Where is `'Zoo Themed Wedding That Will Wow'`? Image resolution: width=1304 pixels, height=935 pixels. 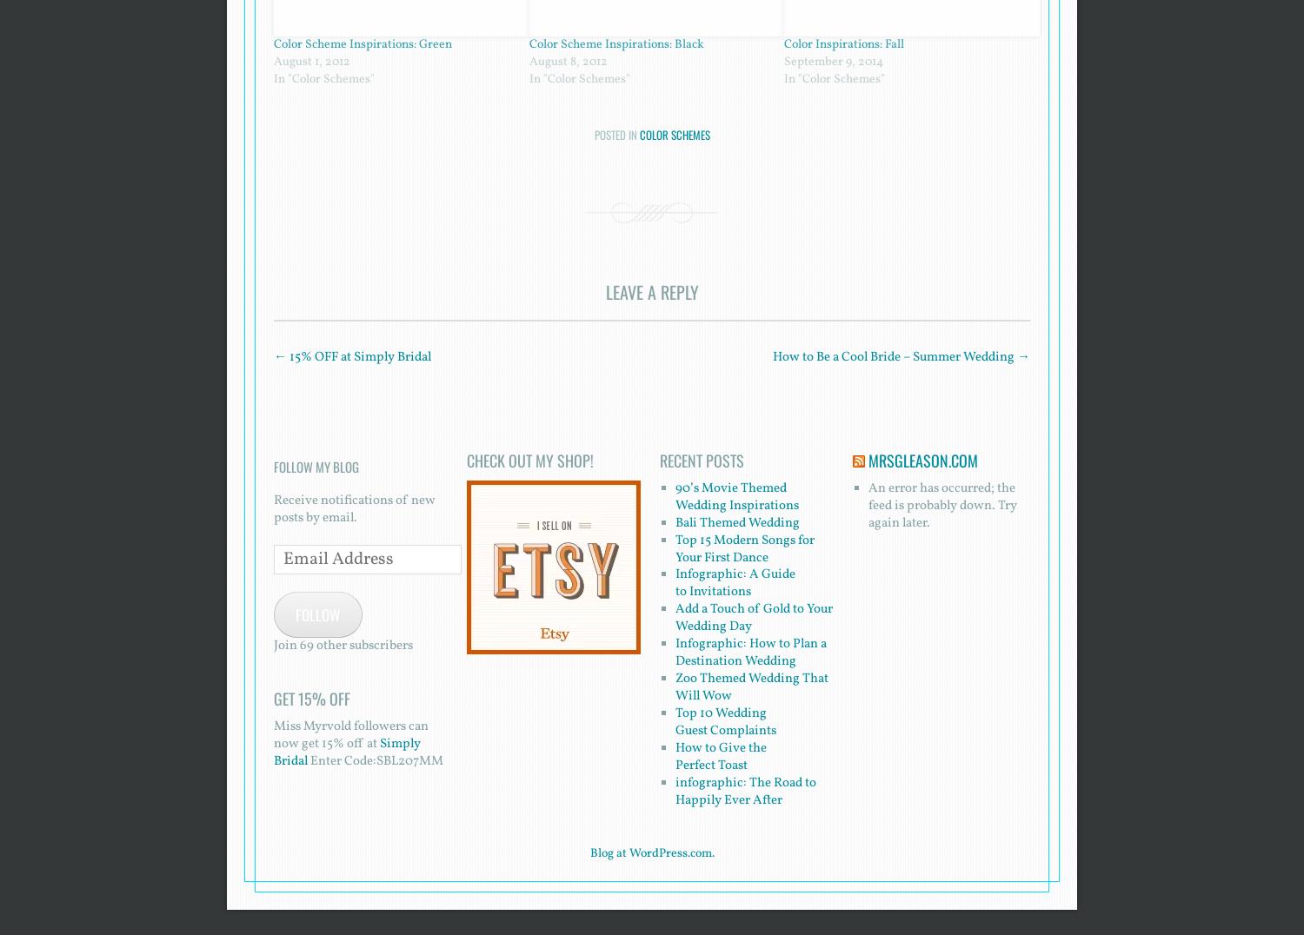
'Zoo Themed Wedding That Will Wow' is located at coordinates (749, 687).